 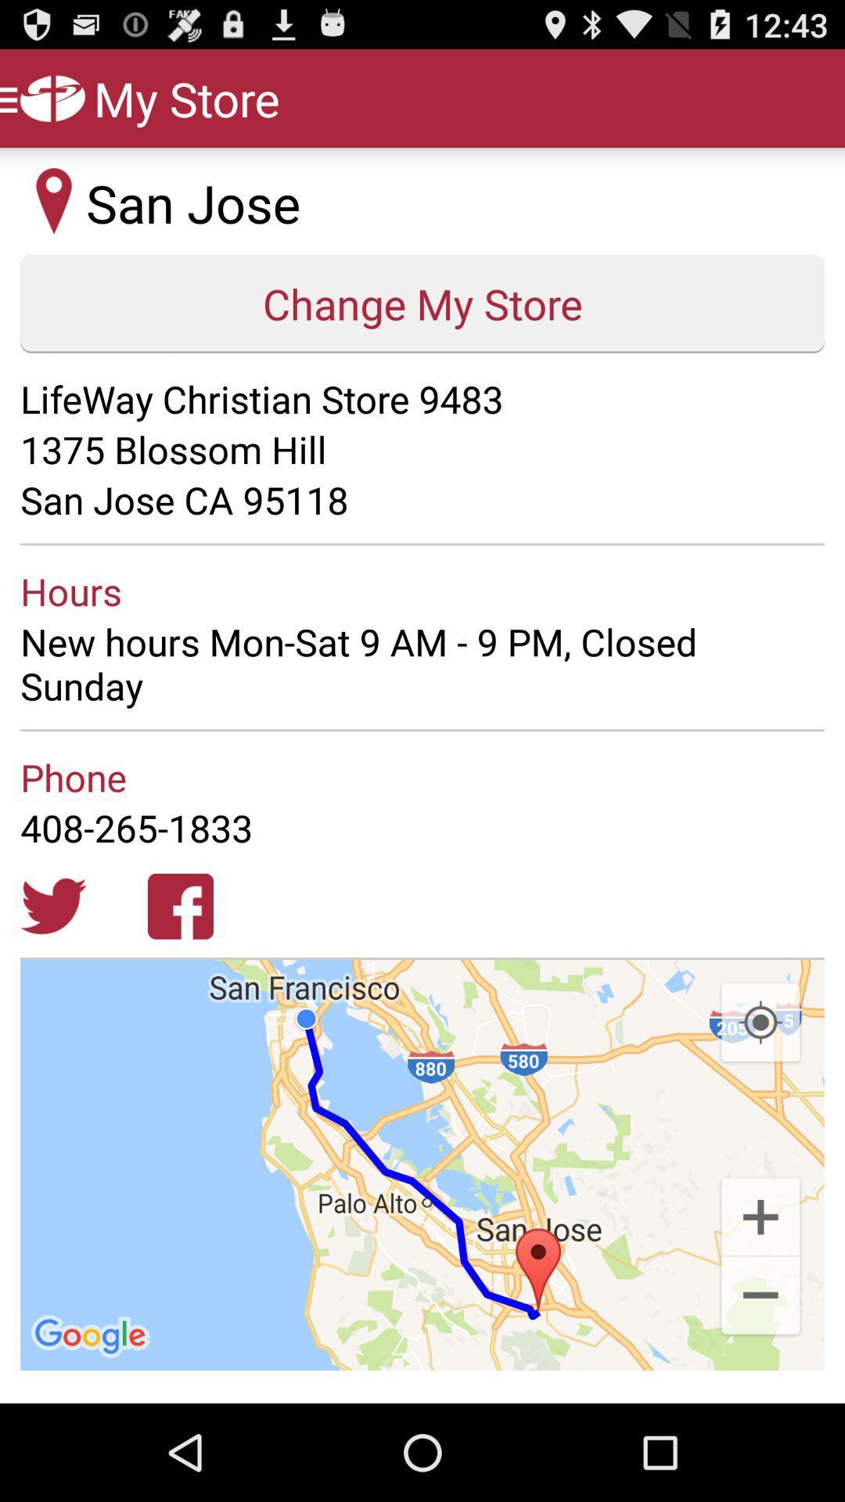 I want to click on app below 408-265-1833 item, so click(x=52, y=906).